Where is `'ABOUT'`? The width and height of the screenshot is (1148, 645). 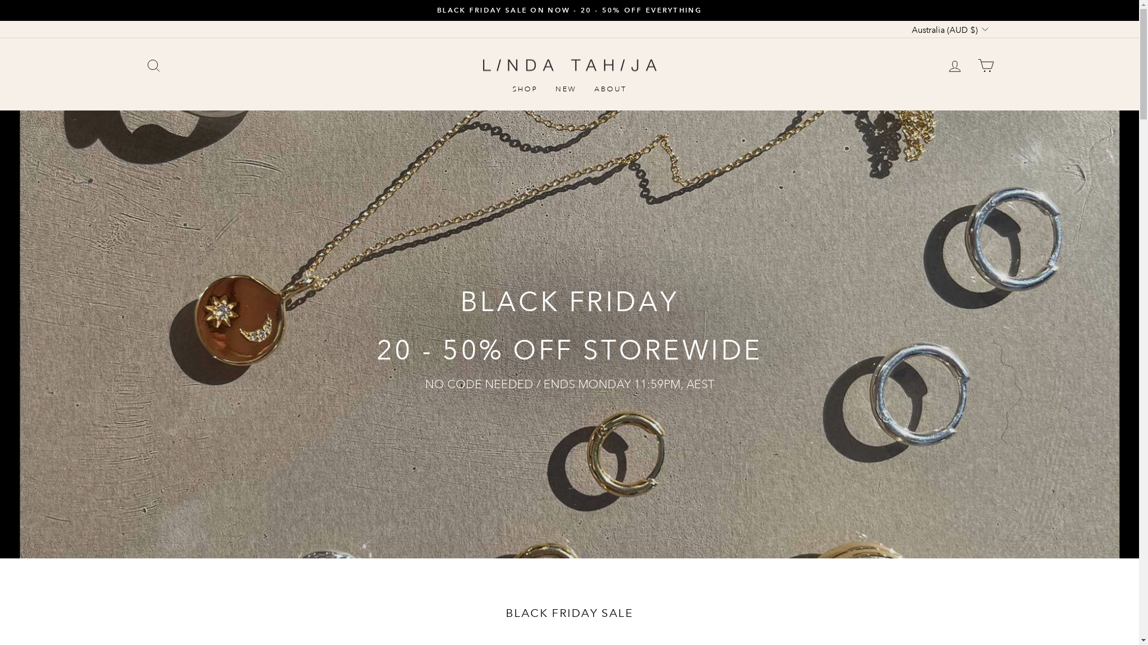 'ABOUT' is located at coordinates (610, 89).